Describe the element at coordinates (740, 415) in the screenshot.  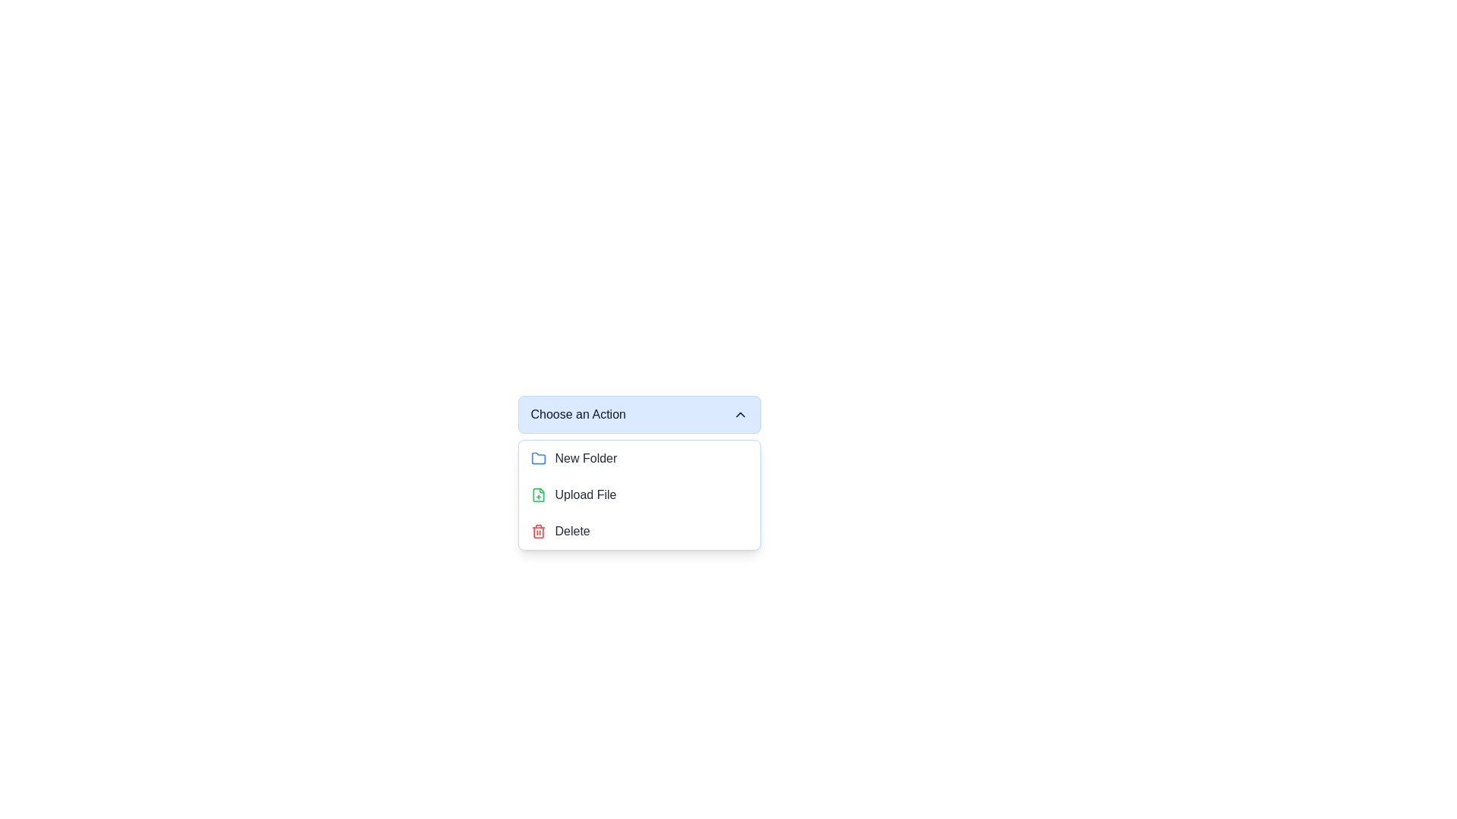
I see `the Chevron-Up icon located on the right side of the 'Choose an Action' bar` at that location.